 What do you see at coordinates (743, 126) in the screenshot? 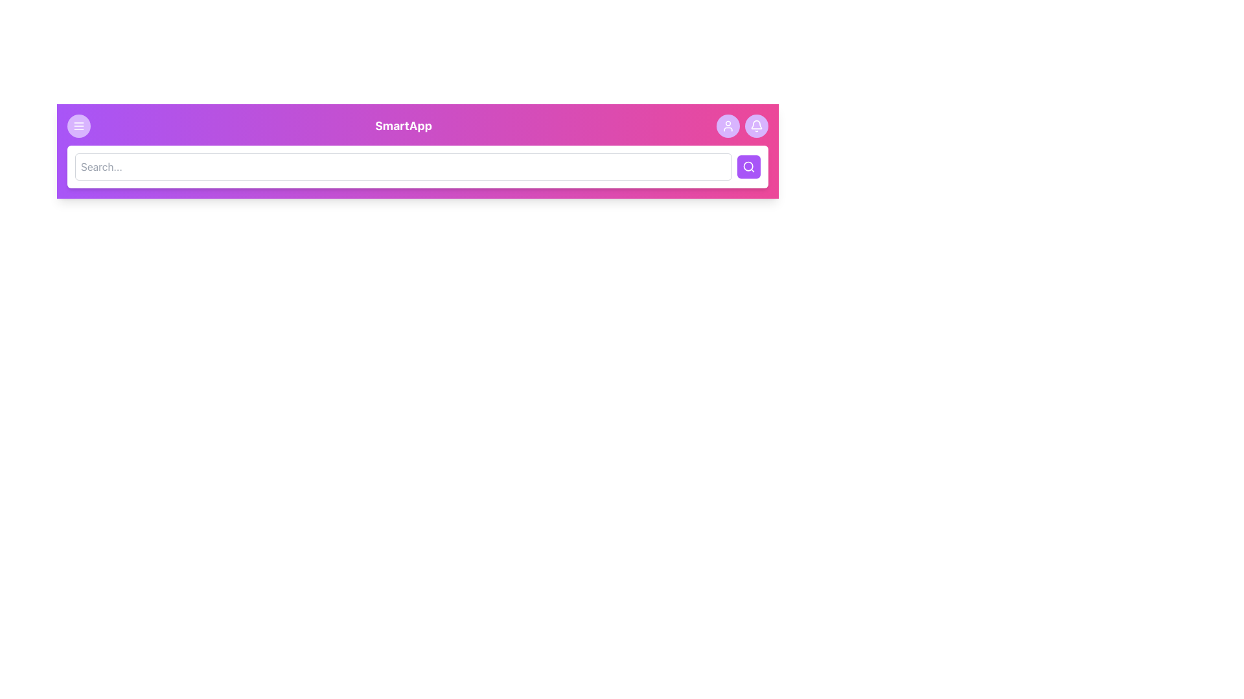
I see `the left circular button with a user profile icon in the interactive button group located at the top-right corner of the application interface` at bounding box center [743, 126].